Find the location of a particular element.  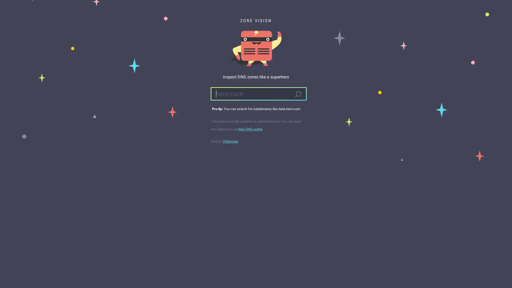

Submit is located at coordinates (298, 94).